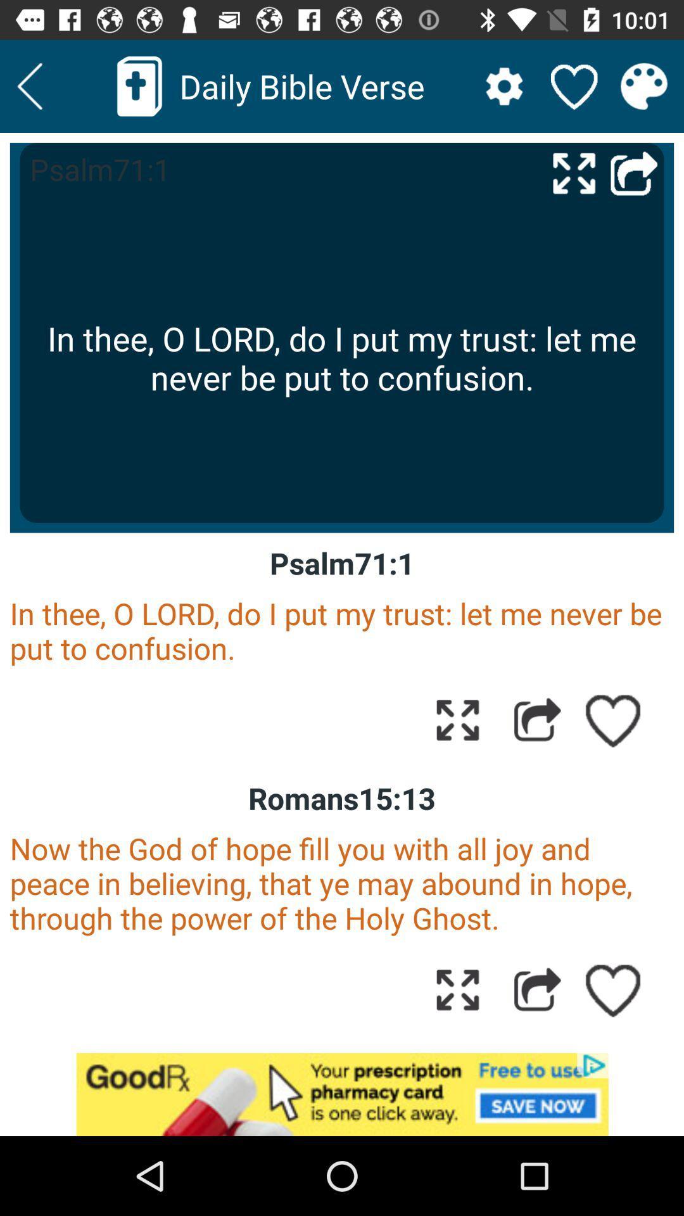  I want to click on change the theme, so click(644, 85).